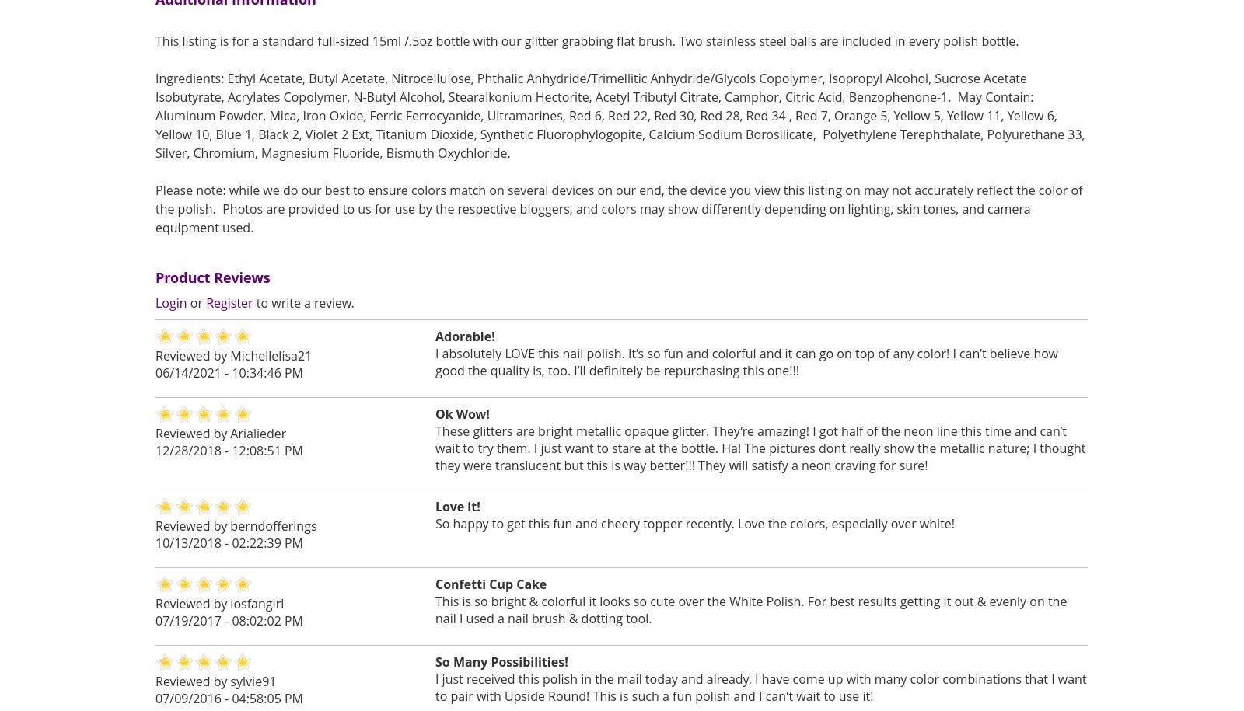 The width and height of the screenshot is (1244, 711). I want to click on 'Reviewed by sylvie91', so click(215, 680).